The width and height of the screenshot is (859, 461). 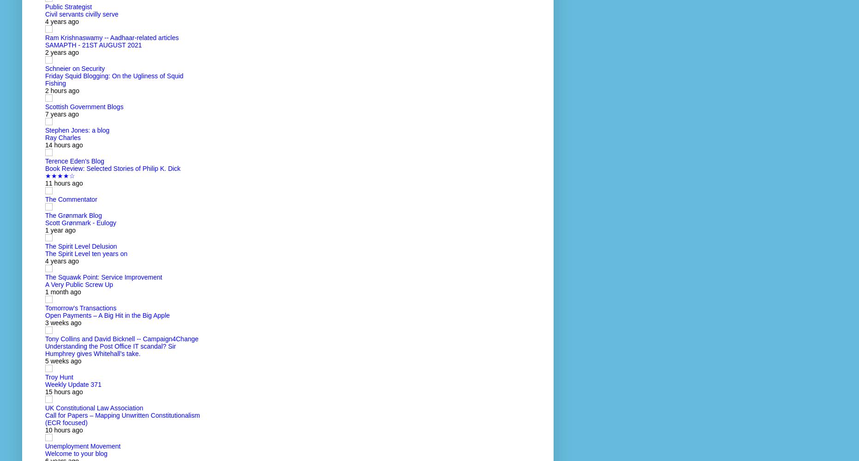 What do you see at coordinates (45, 350) in the screenshot?
I see `'Understanding the Post Office IT scandal? Sir Humphrey gives Whitehall’s take.'` at bounding box center [45, 350].